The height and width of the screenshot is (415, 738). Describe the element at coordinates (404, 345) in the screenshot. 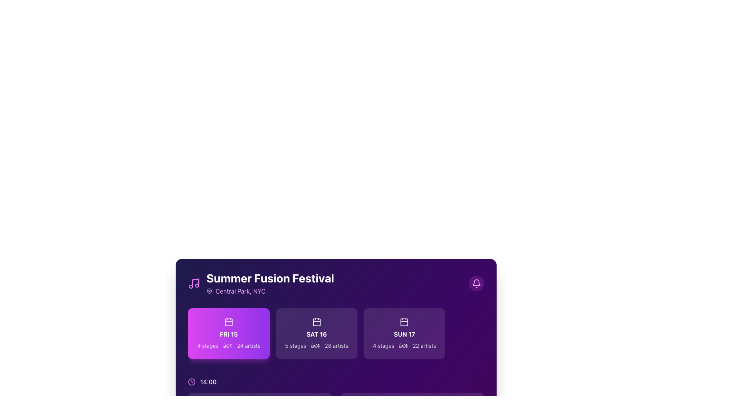

I see `the static text label displaying '4 stages • 22 artists' on a dark purple background, located in the bottom section of the 'SUN 17' card in the 'Summer Fusion Festival' section` at that location.